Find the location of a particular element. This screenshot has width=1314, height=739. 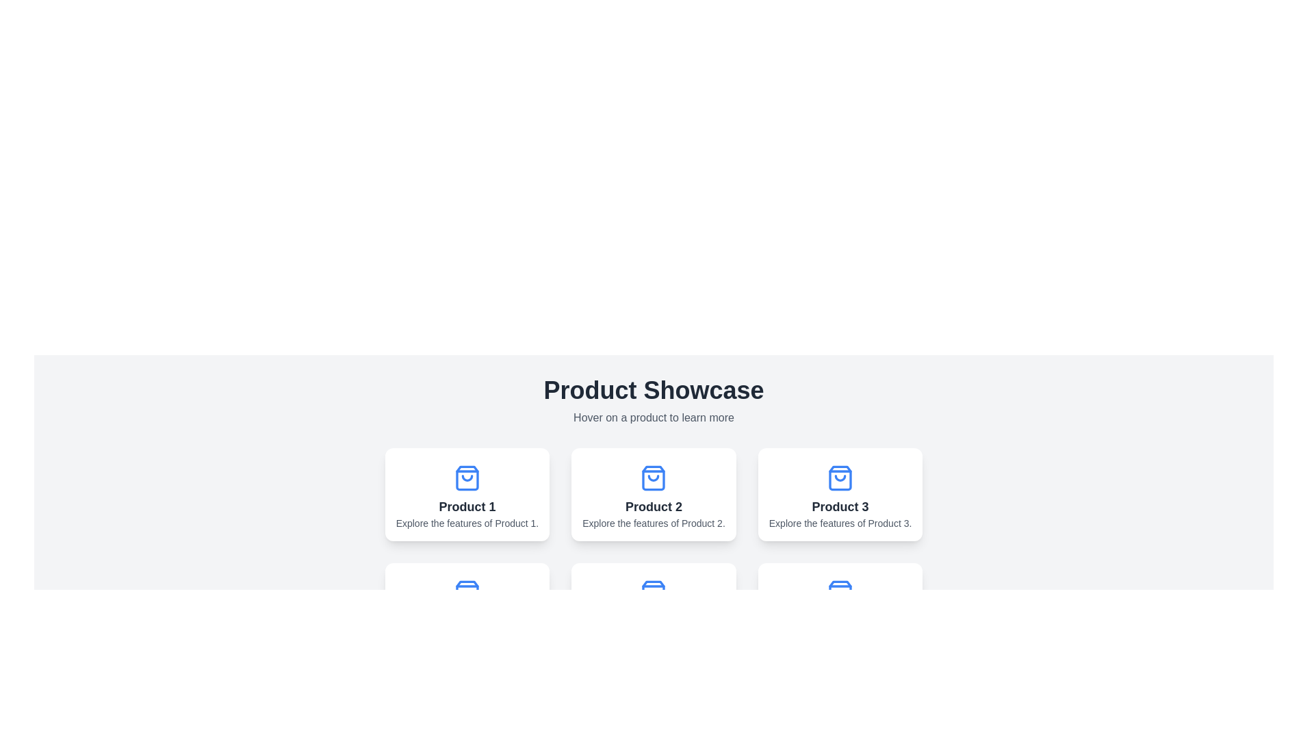

the shopping bag icon, which is blue, has rounded corners, and is located above the text 'Product 4' in its card is located at coordinates (467, 593).